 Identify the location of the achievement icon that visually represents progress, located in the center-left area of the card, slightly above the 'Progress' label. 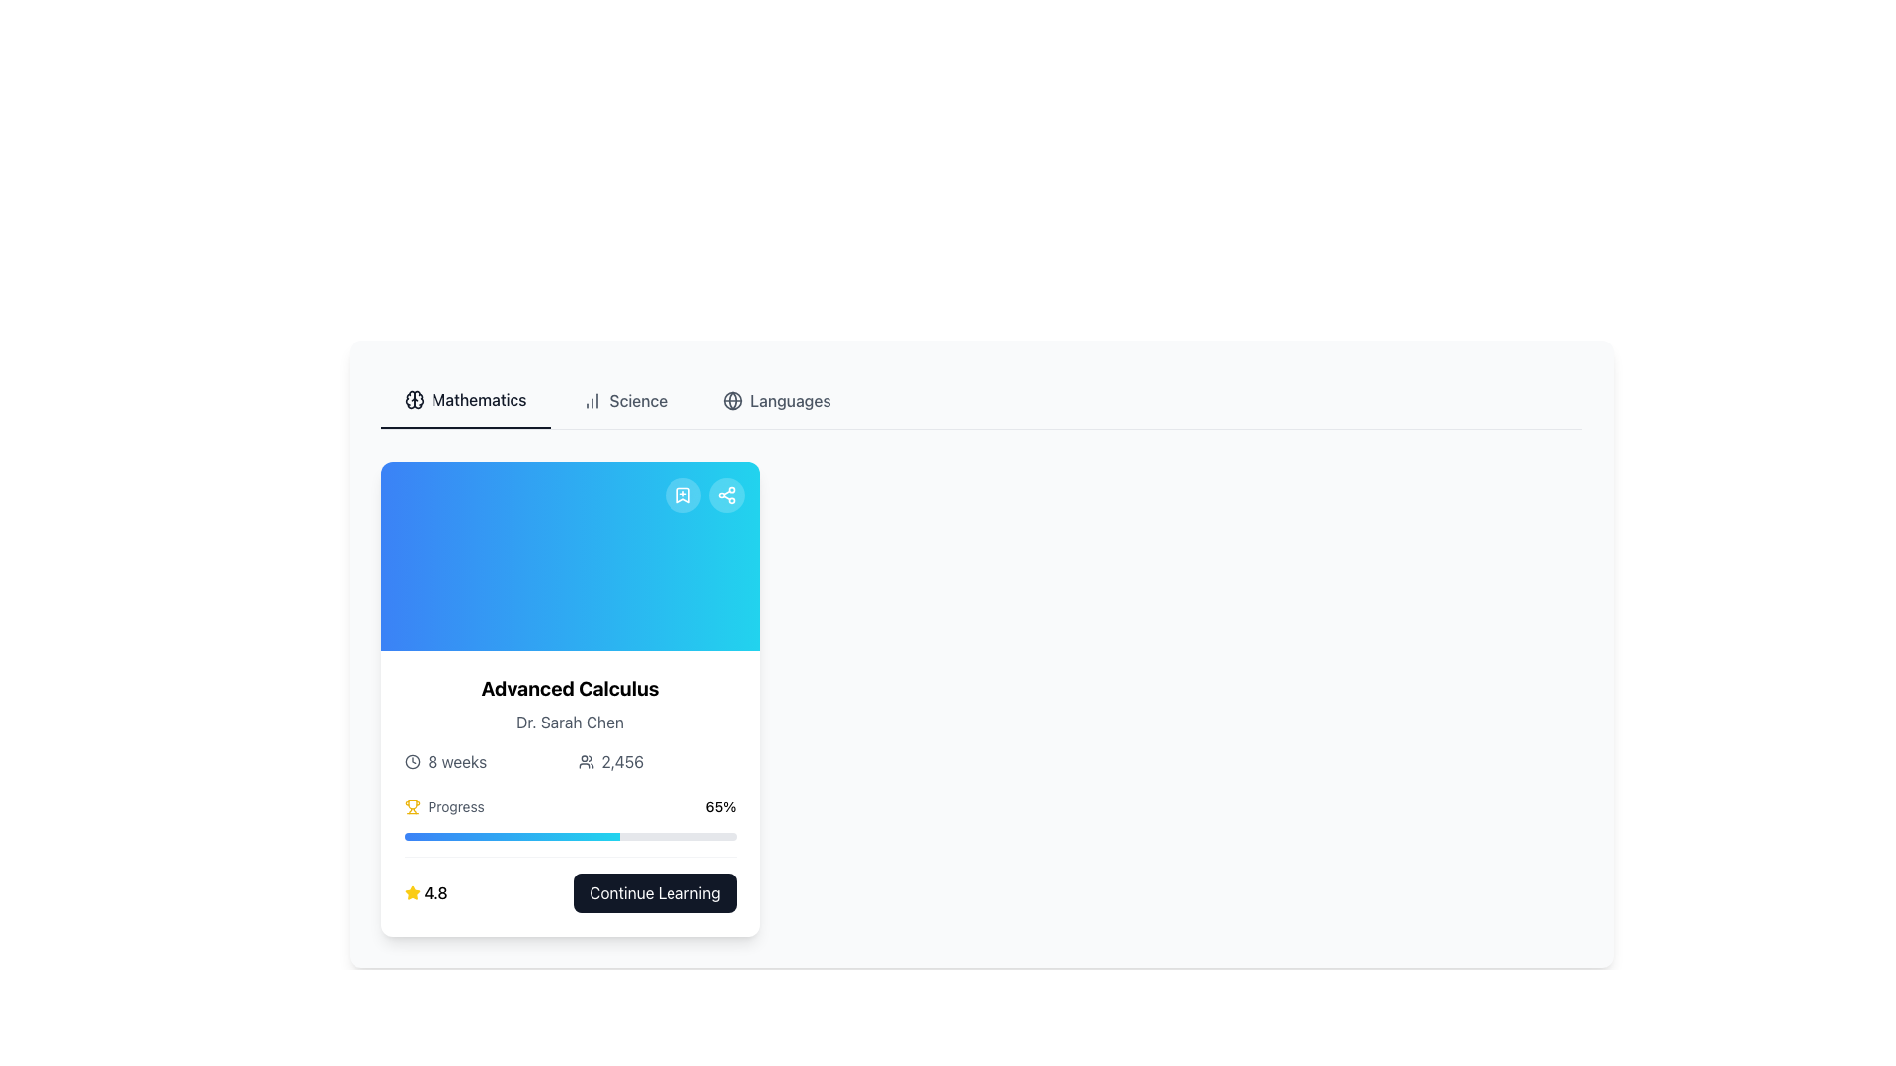
(411, 804).